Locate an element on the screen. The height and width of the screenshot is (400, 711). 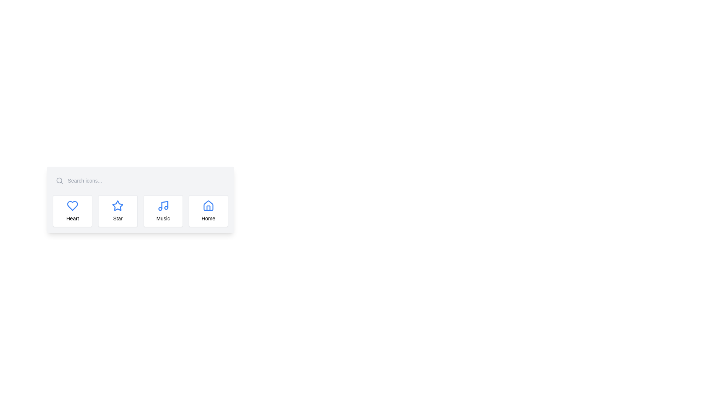
the door portion of the house icon, which is the fourth element in the bottom menu row, to emphasize its recognizability is located at coordinates (208, 208).